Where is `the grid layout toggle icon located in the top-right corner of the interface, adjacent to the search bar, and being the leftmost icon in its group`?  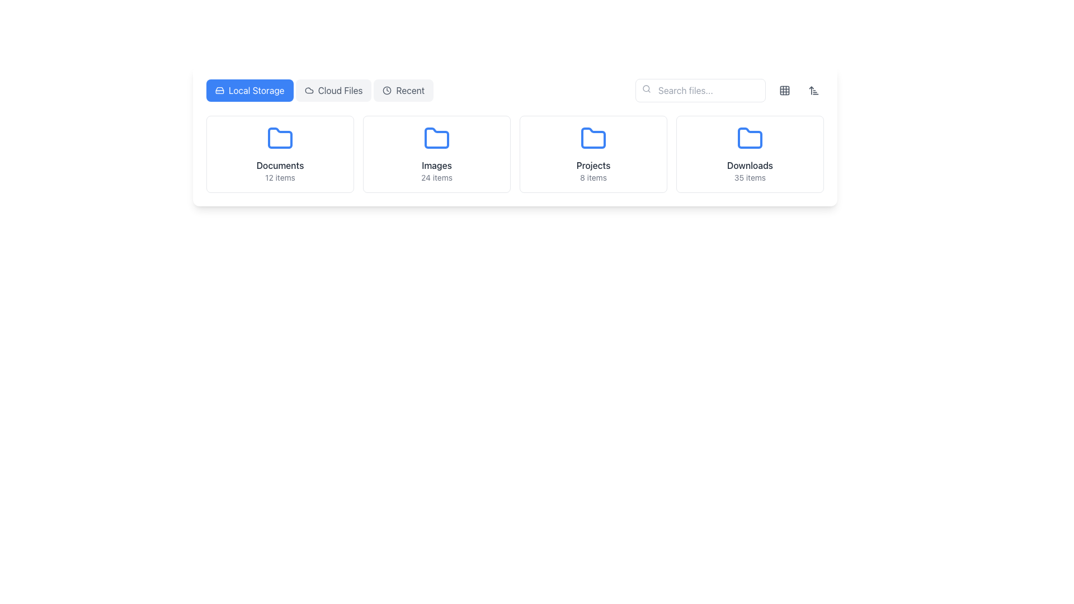 the grid layout toggle icon located in the top-right corner of the interface, adjacent to the search bar, and being the leftmost icon in its group is located at coordinates (784, 90).